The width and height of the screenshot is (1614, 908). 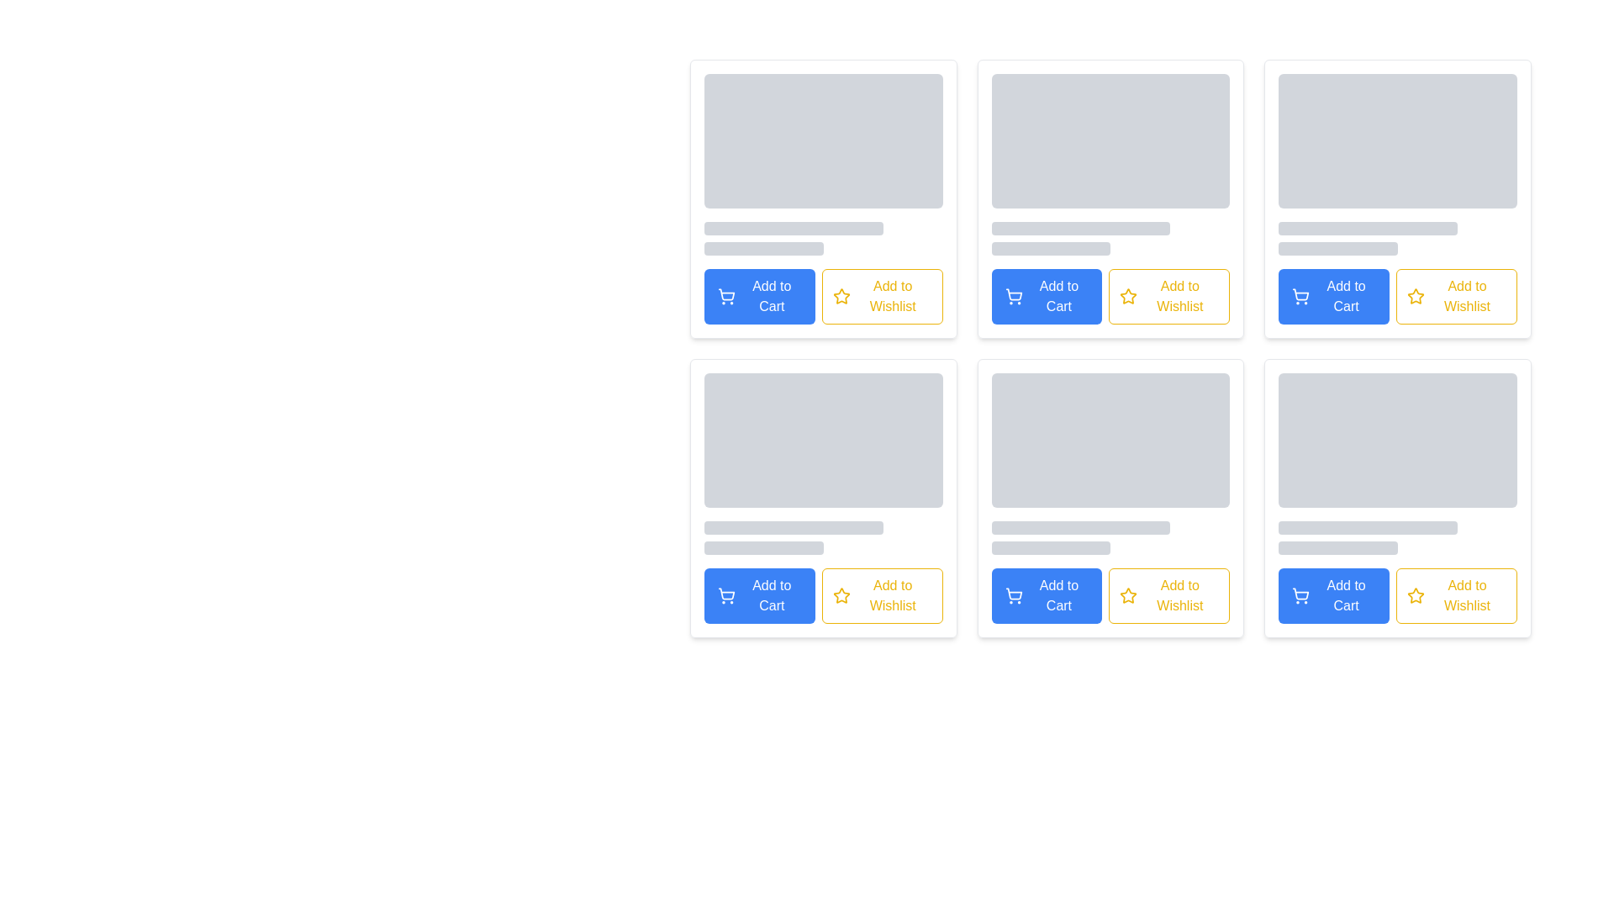 What do you see at coordinates (726, 296) in the screenshot?
I see `the shopping cart icon outlined in white lines on a blue circular background` at bounding box center [726, 296].